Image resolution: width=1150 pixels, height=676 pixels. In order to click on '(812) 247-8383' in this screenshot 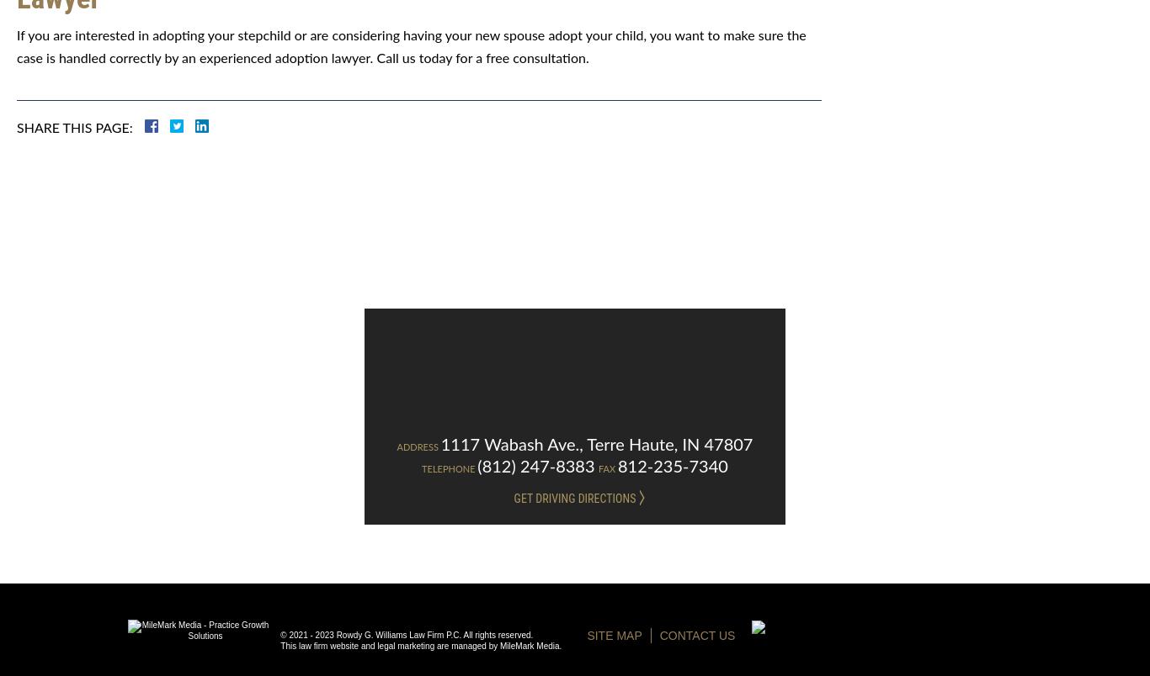, I will do `click(535, 466)`.